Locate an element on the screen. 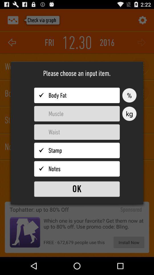 Image resolution: width=154 pixels, height=275 pixels. body fat percentage is located at coordinates (77, 95).